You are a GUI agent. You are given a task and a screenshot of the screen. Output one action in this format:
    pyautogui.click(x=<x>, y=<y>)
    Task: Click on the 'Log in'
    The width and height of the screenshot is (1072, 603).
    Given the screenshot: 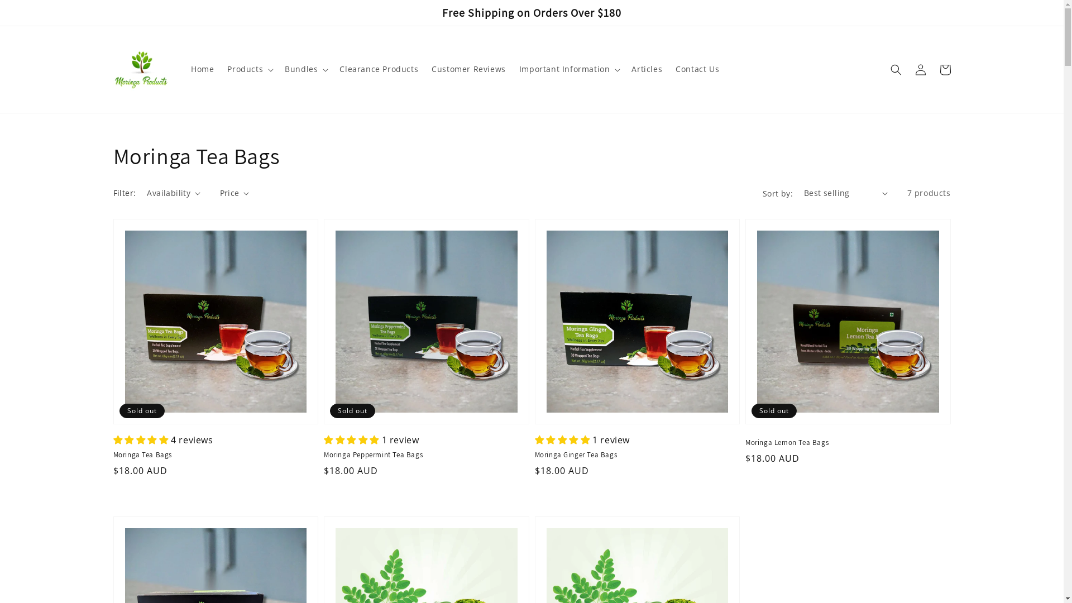 What is the action you would take?
    pyautogui.click(x=920, y=69)
    